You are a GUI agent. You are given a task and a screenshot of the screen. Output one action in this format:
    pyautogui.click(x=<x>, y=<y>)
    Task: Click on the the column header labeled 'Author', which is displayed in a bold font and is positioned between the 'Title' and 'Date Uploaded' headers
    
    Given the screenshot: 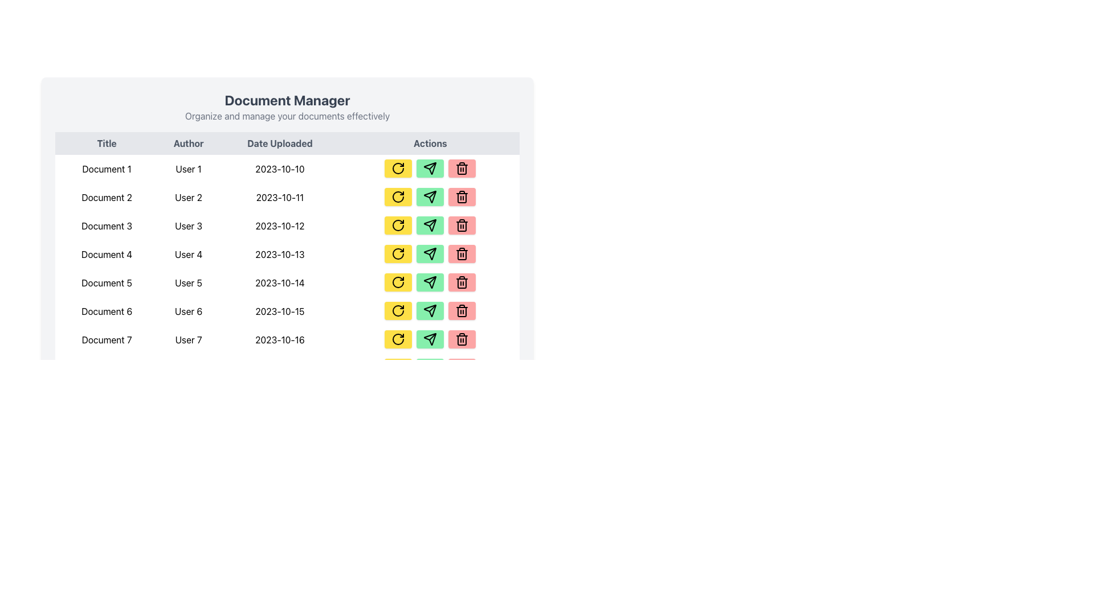 What is the action you would take?
    pyautogui.click(x=189, y=142)
    